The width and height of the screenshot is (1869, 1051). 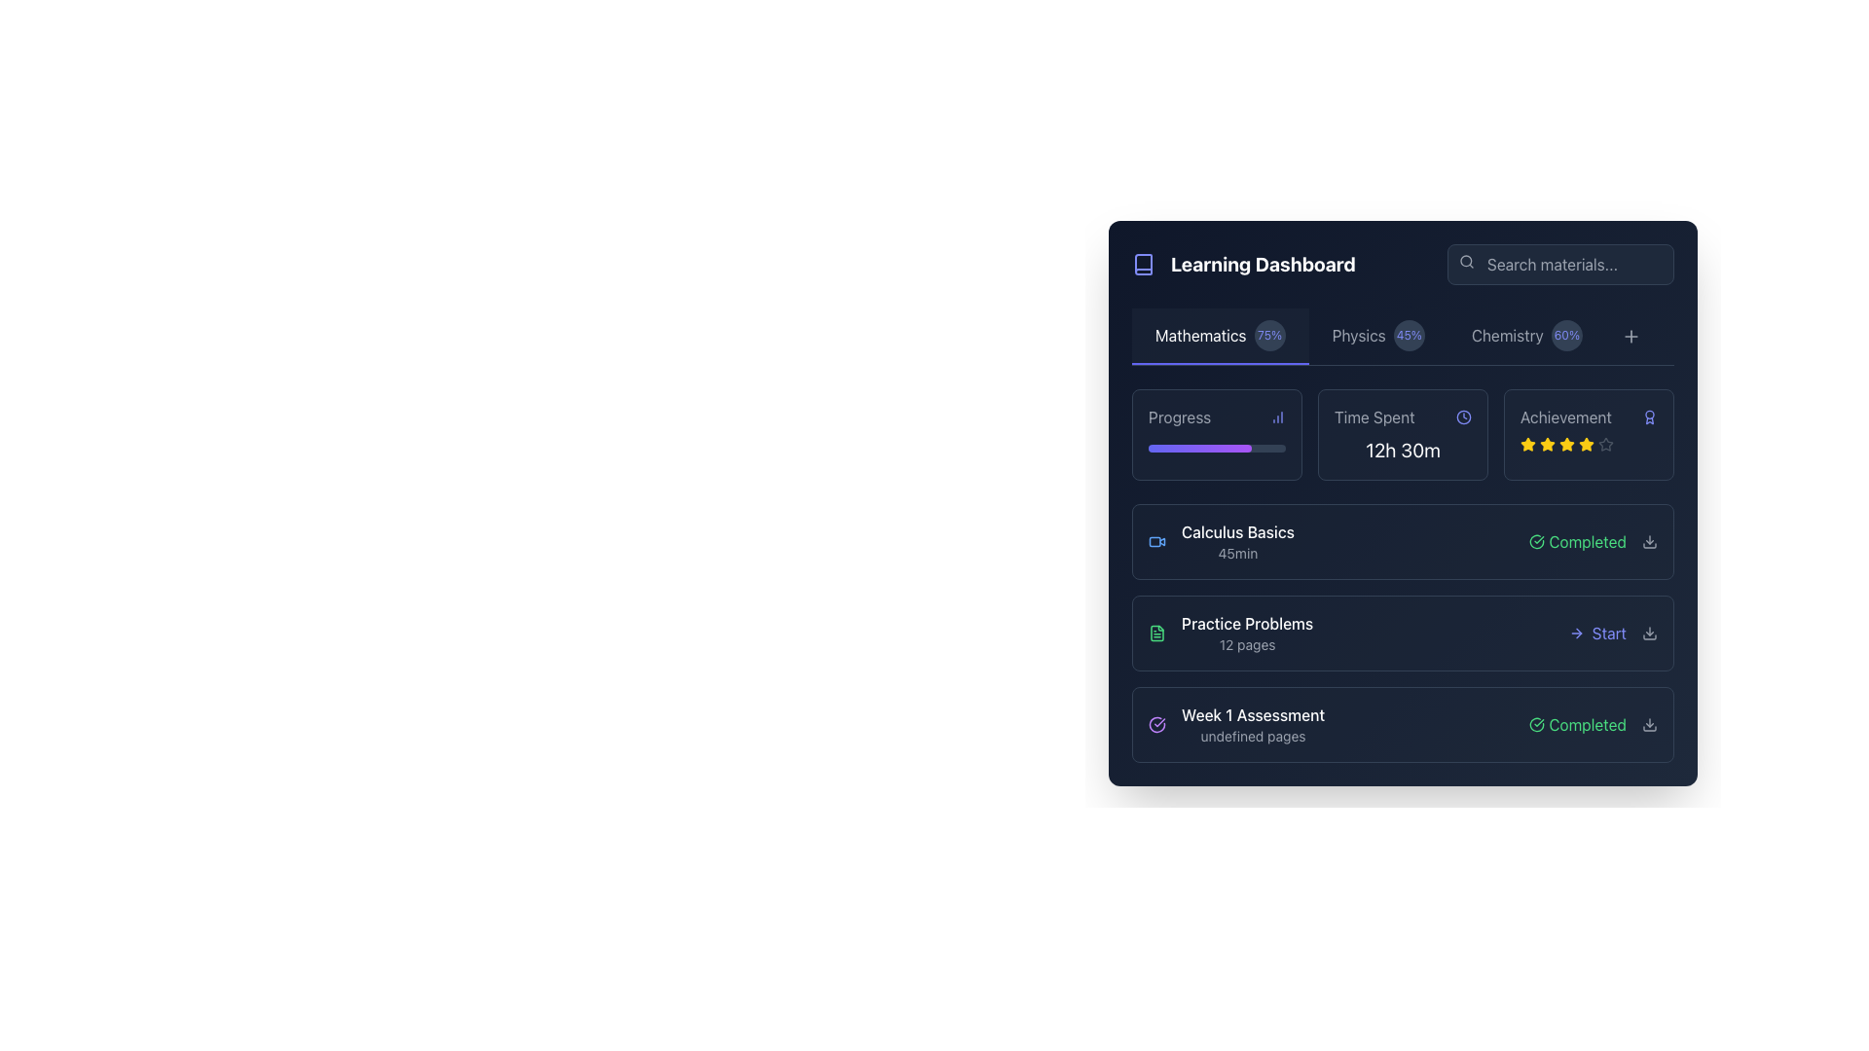 I want to click on the Rating indicator (stars) located in the 'Achievement' section at the top-right area of the card, which shows a four-out-of-five rating with four stars filled and one star empty, so click(x=1589, y=444).